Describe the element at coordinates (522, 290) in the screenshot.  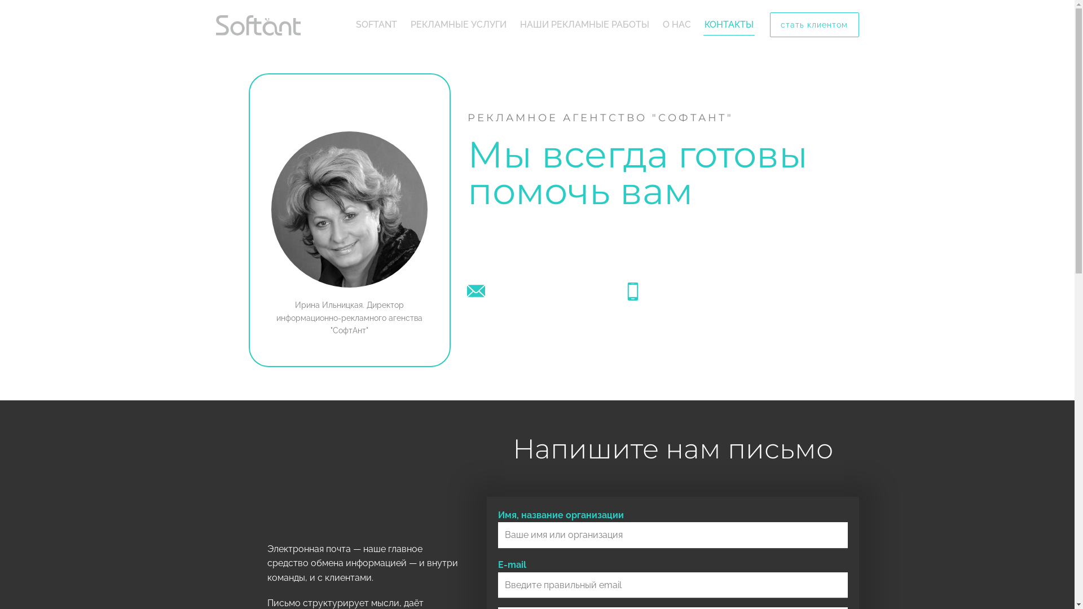
I see `' info@mebel.by'` at that location.